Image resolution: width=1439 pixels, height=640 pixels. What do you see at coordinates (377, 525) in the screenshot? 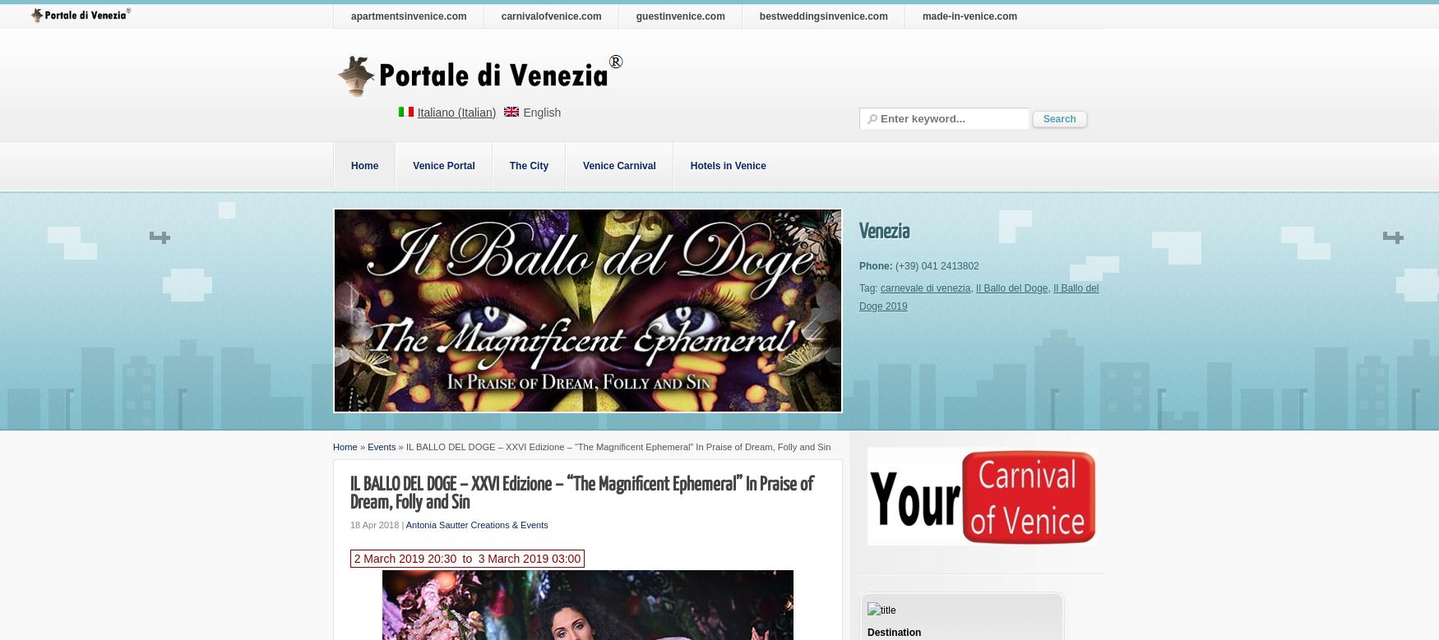
I see `'18 Apr 2018 |'` at bounding box center [377, 525].